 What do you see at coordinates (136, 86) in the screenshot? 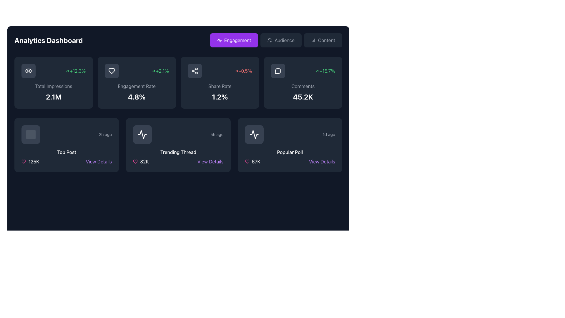
I see `the text label describing the 'Engagement Rate' metric, which is positioned above the numerical representation '4.8%' in the dashboard grid layout` at bounding box center [136, 86].